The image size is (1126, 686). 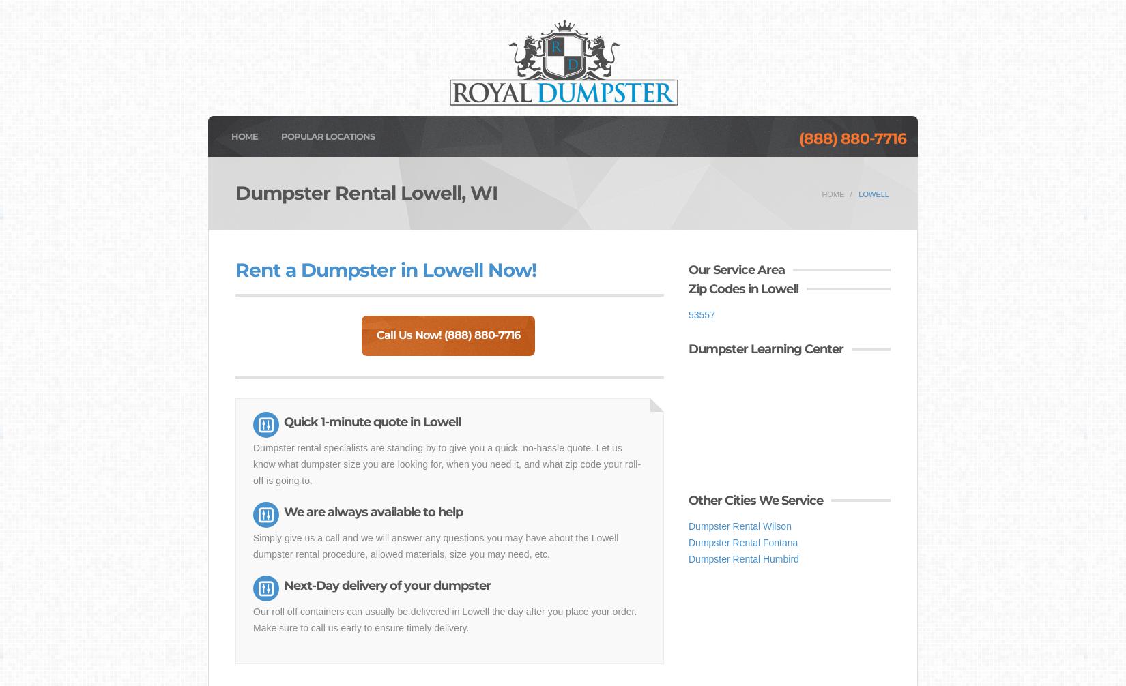 I want to click on 'We are always available to help', so click(x=372, y=511).